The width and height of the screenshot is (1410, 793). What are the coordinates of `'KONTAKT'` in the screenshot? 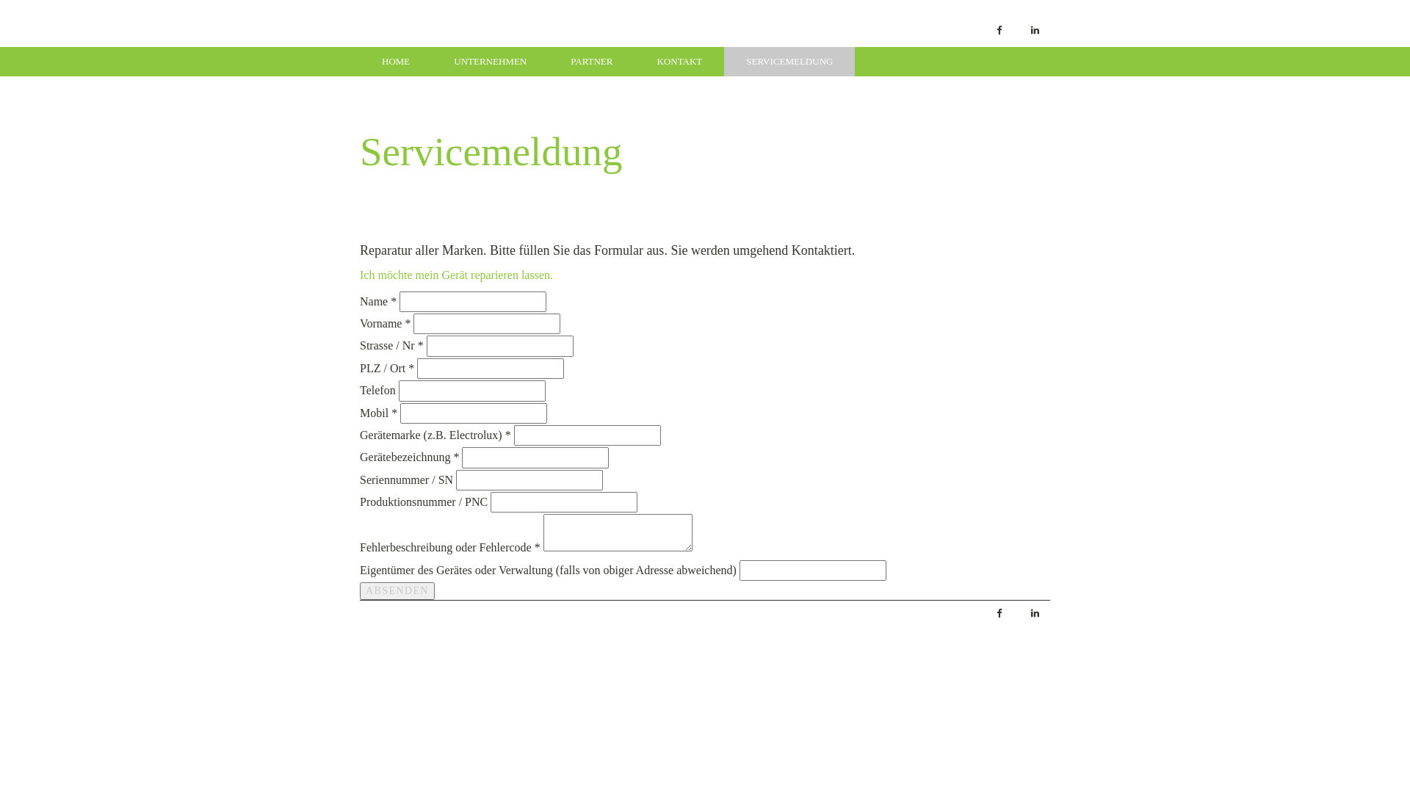 It's located at (679, 61).